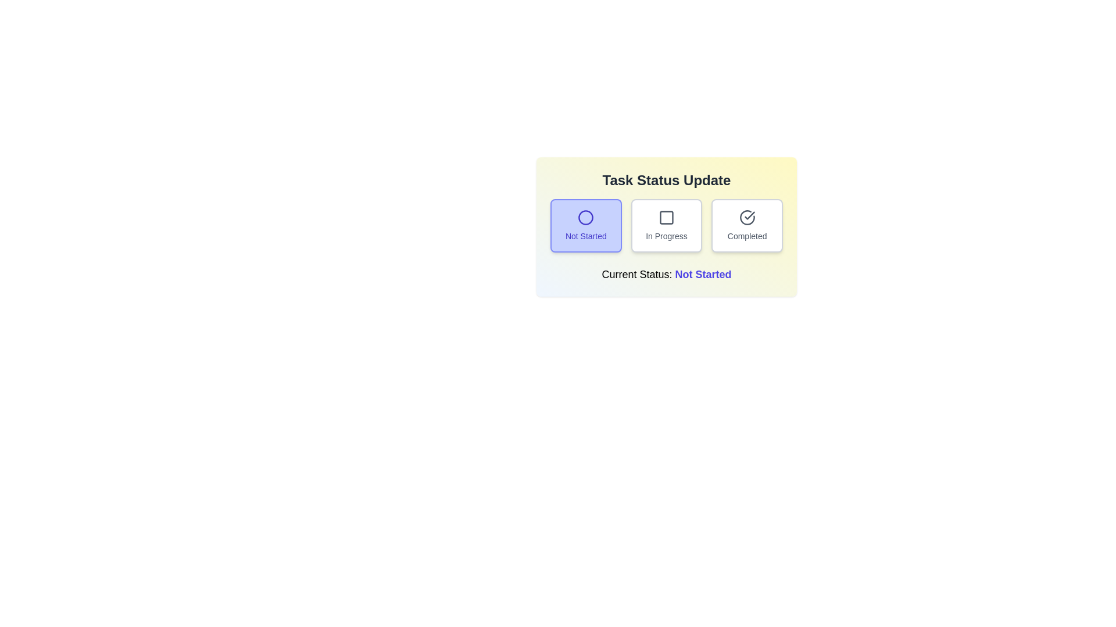  Describe the element at coordinates (586, 226) in the screenshot. I see `the button labeled 'Not Started' to observe its hover effect` at that location.